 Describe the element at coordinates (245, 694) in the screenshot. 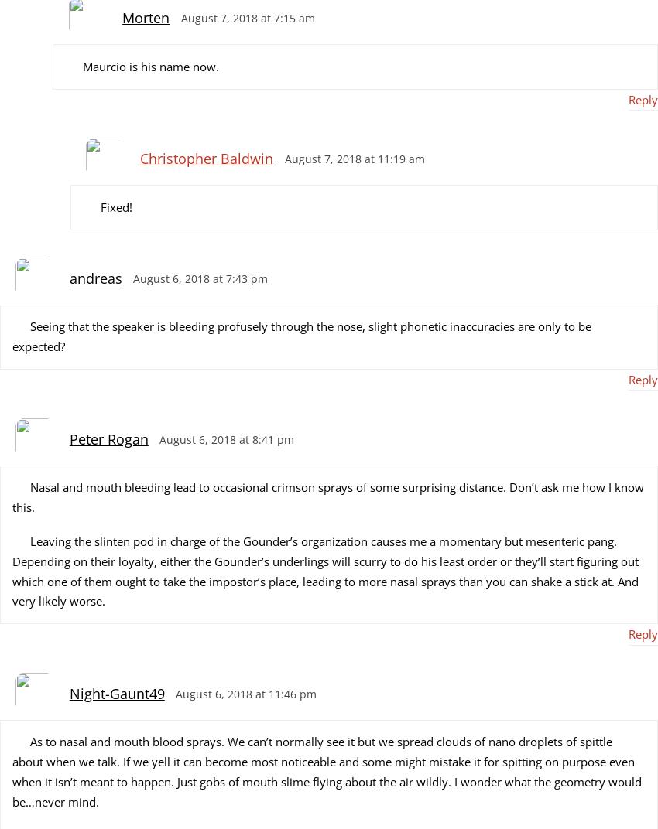

I see `'August 6, 2018 at 11:46 pm'` at that location.